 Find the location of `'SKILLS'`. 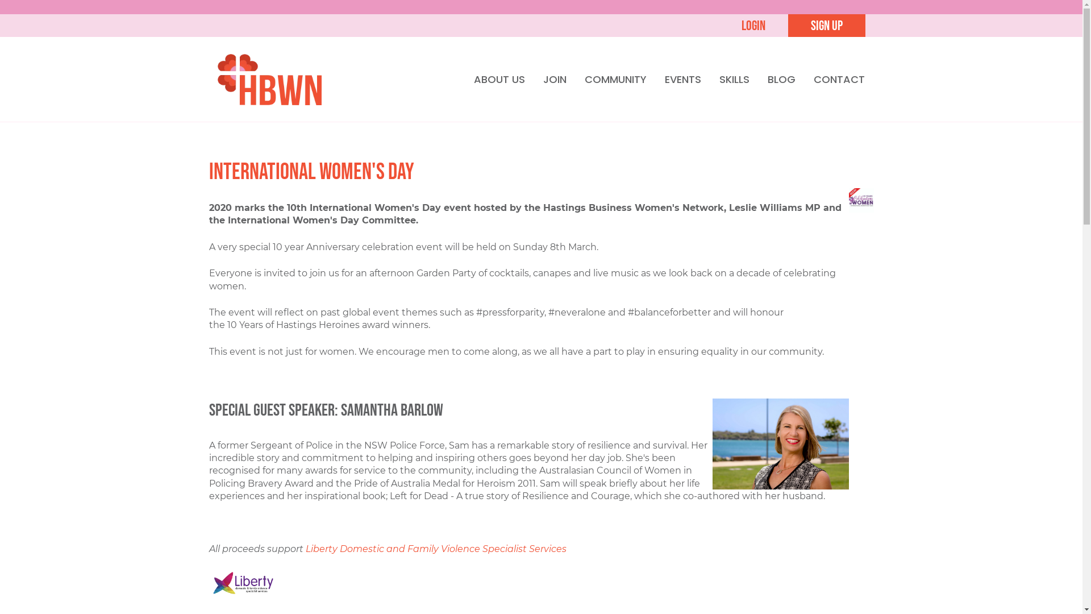

'SKILLS' is located at coordinates (734, 78).